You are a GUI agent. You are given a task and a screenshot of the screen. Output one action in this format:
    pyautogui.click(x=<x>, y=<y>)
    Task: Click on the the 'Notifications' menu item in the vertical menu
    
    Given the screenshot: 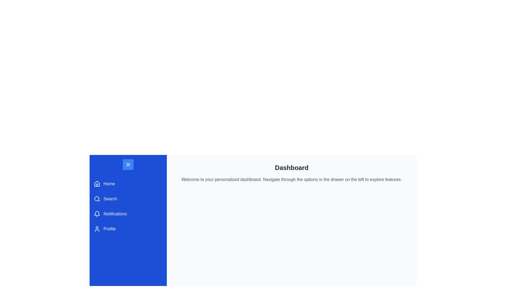 What is the action you would take?
    pyautogui.click(x=128, y=206)
    